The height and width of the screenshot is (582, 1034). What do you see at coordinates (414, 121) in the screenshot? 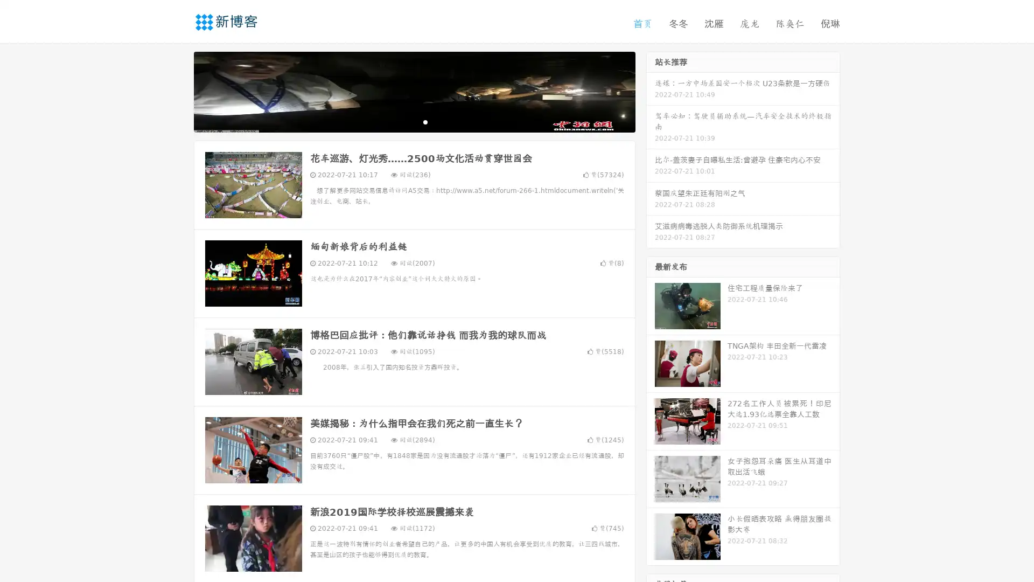
I see `Go to slide 2` at bounding box center [414, 121].